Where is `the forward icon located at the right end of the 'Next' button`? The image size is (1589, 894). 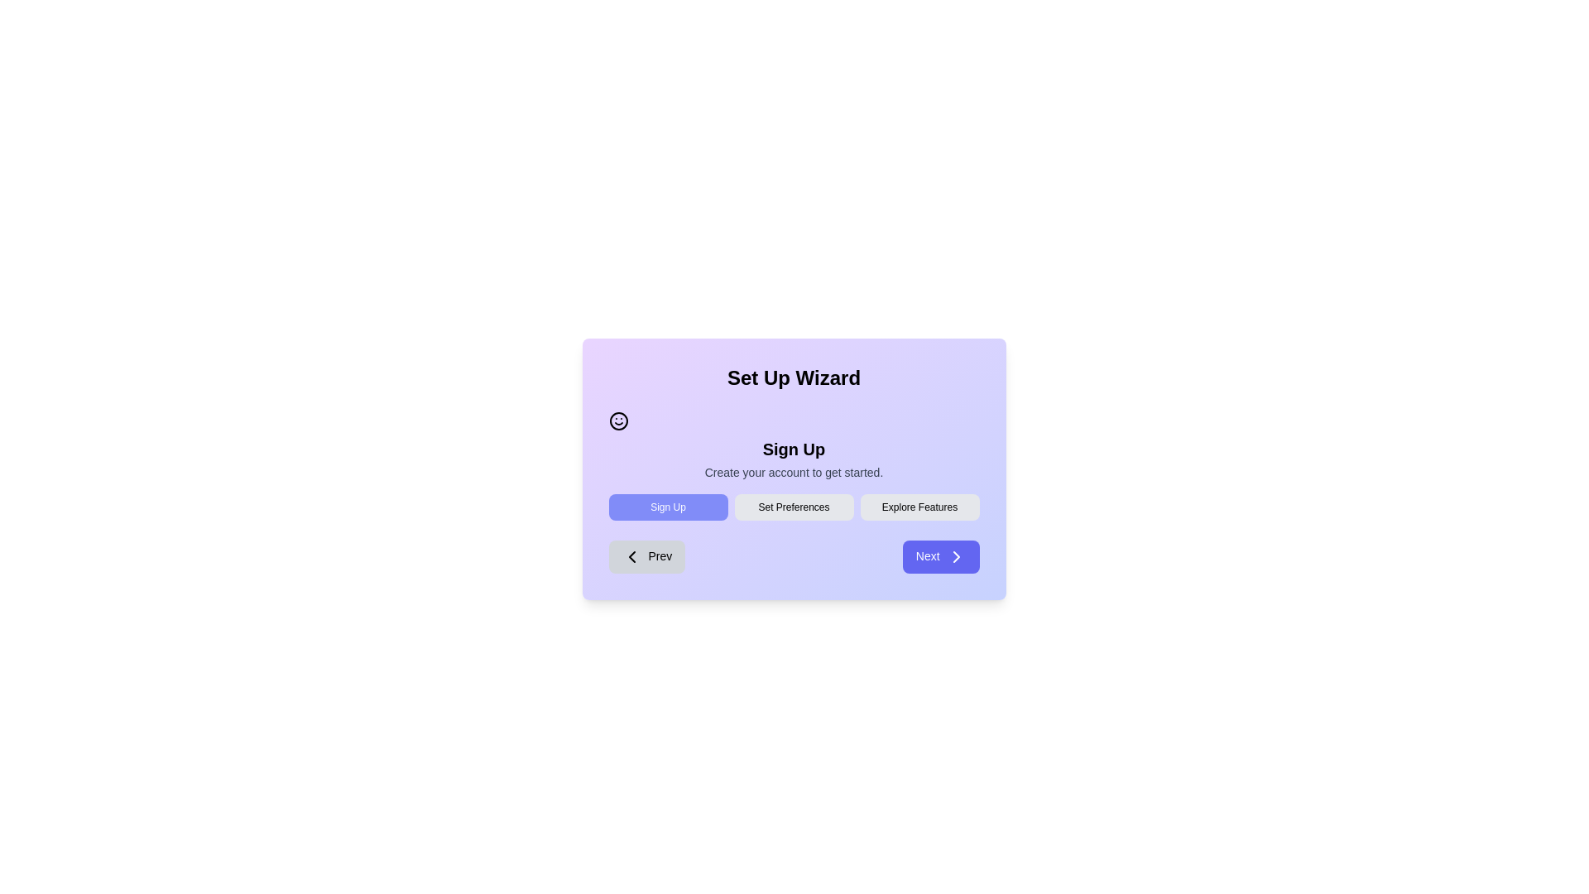
the forward icon located at the right end of the 'Next' button is located at coordinates (956, 556).